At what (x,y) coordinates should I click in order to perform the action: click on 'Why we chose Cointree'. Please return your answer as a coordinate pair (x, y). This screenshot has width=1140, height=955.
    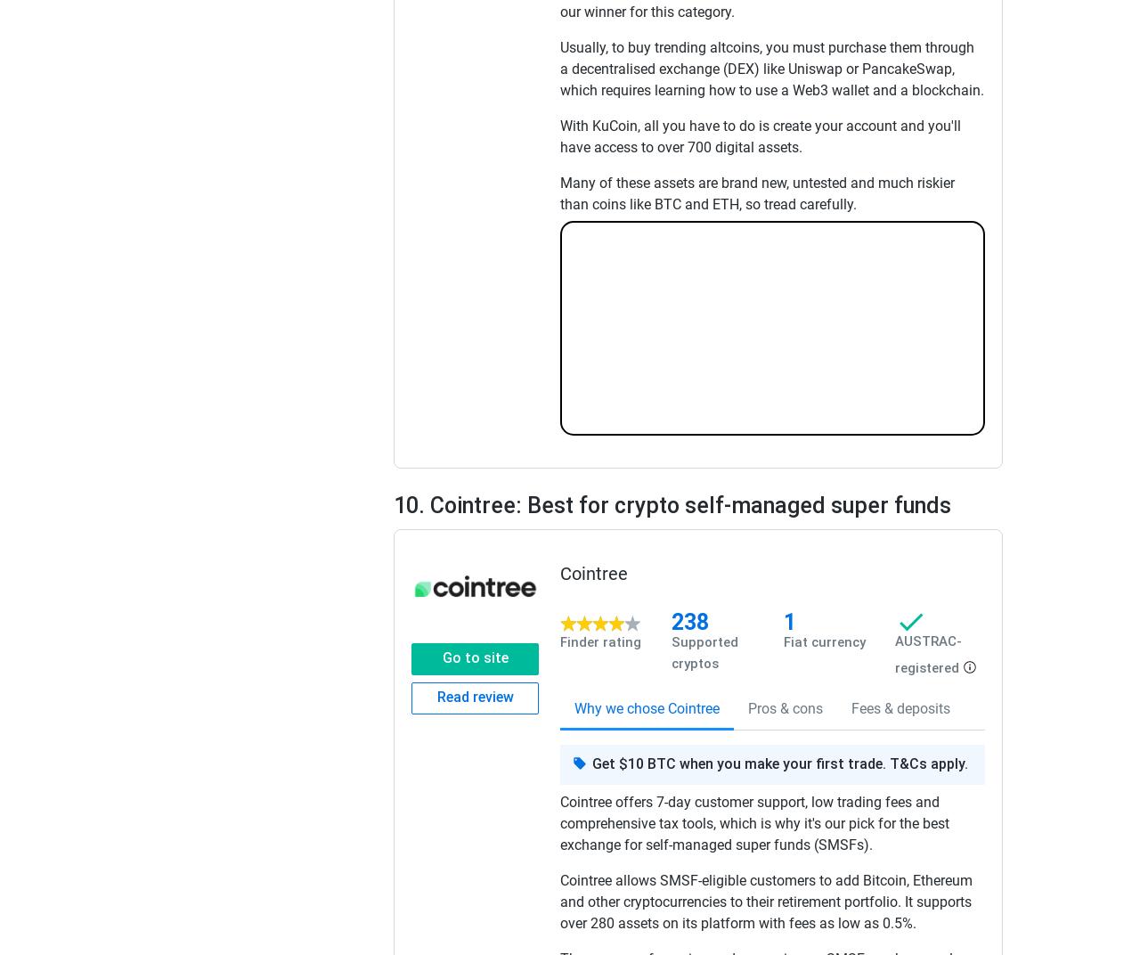
    Looking at the image, I should click on (646, 707).